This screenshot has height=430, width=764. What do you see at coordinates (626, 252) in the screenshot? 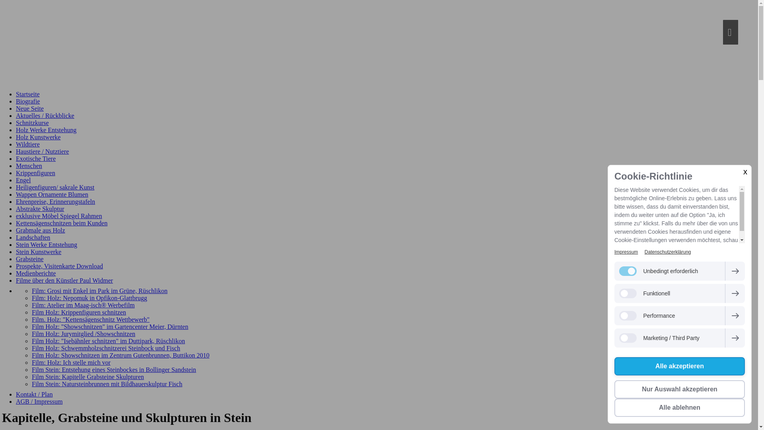
I see `'Impressum'` at bounding box center [626, 252].